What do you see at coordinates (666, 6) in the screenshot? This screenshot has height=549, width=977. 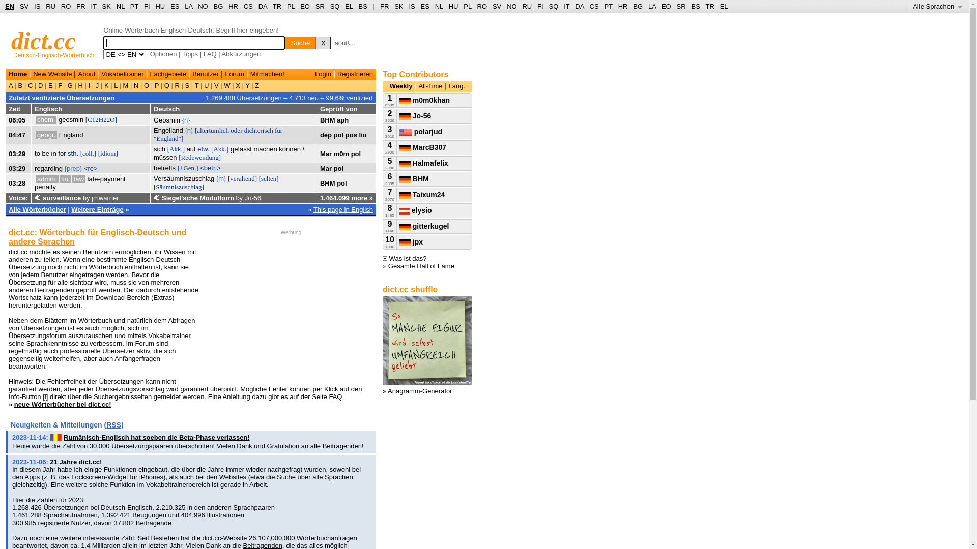 I see `'EO'` at bounding box center [666, 6].